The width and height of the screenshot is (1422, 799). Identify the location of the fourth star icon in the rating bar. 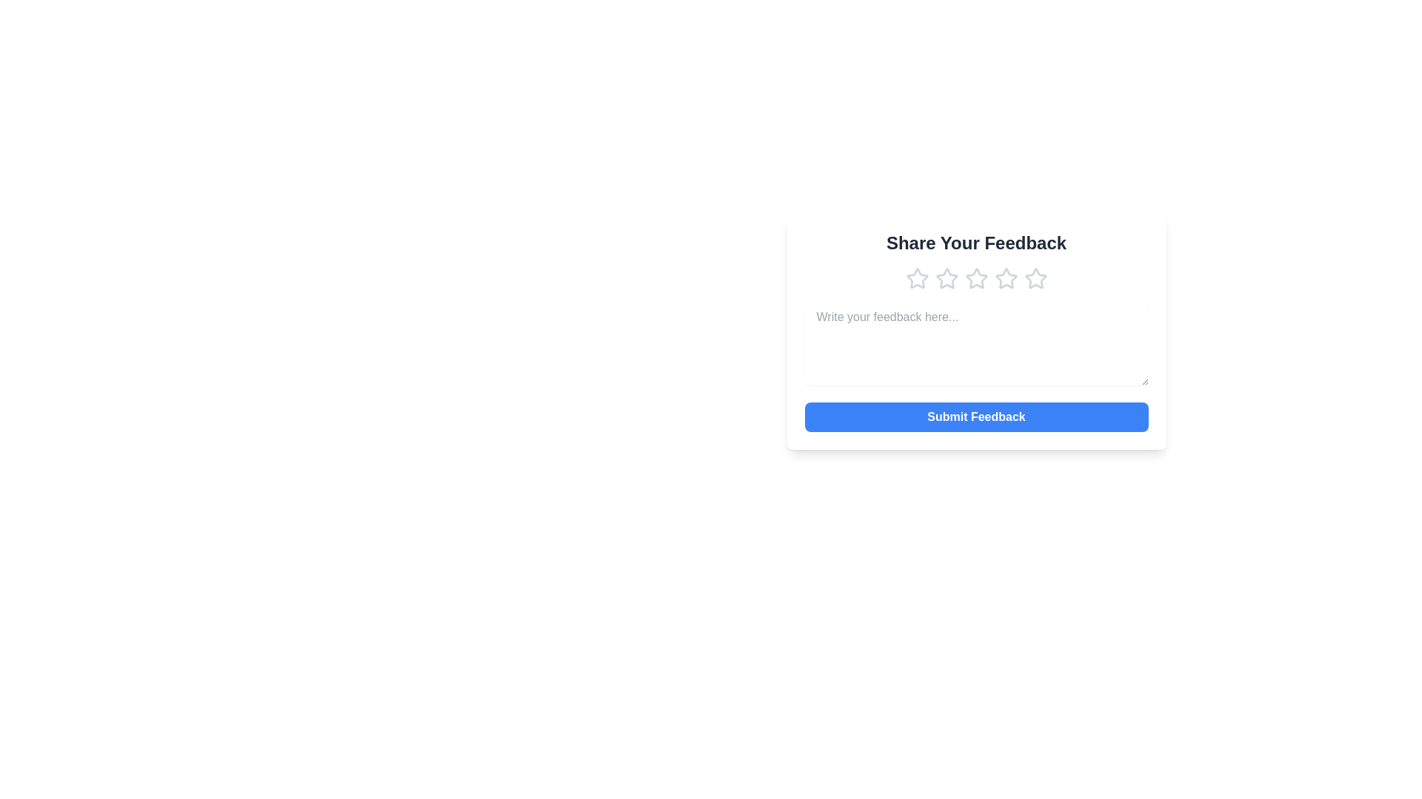
(1006, 277).